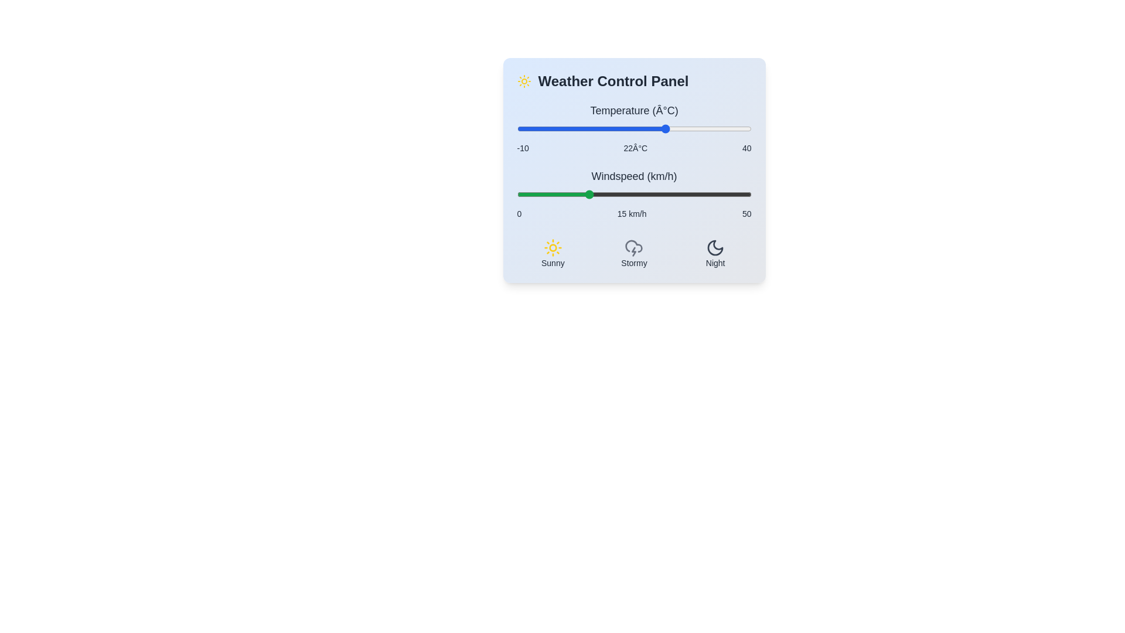  What do you see at coordinates (727, 193) in the screenshot?
I see `the wind speed` at bounding box center [727, 193].